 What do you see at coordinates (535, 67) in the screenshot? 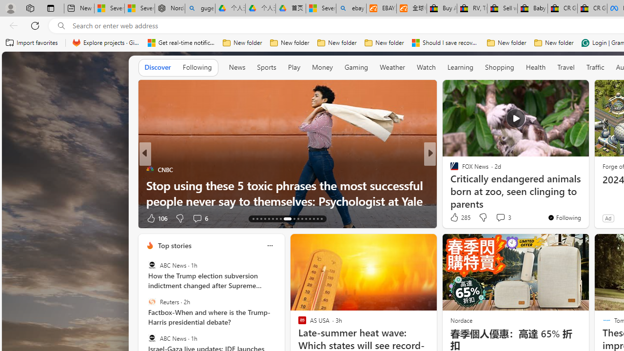
I see `'Health'` at bounding box center [535, 67].